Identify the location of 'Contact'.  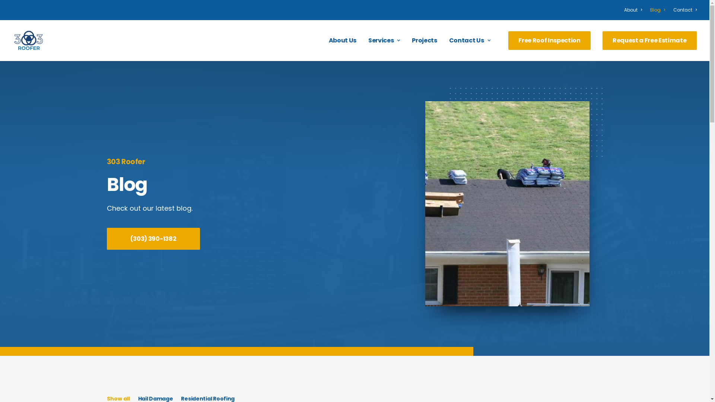
(683, 10).